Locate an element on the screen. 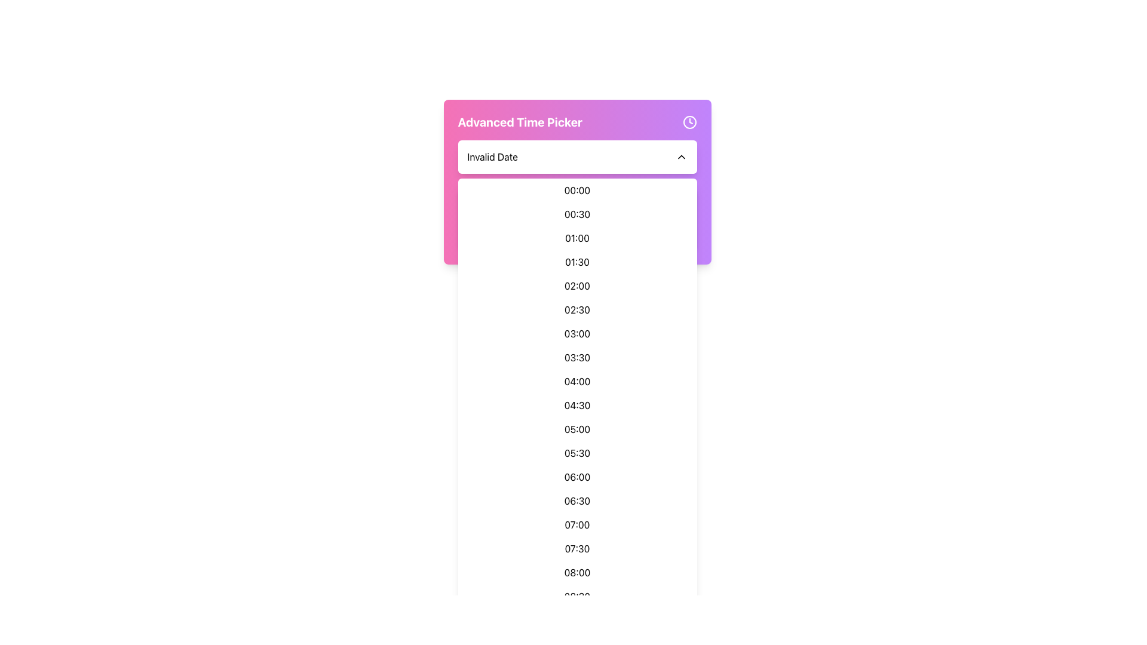  the list item displaying '04:30', which is the 10th time option in the dropdown menu, positioned between '04:00' and '05:00' is located at coordinates (577, 404).